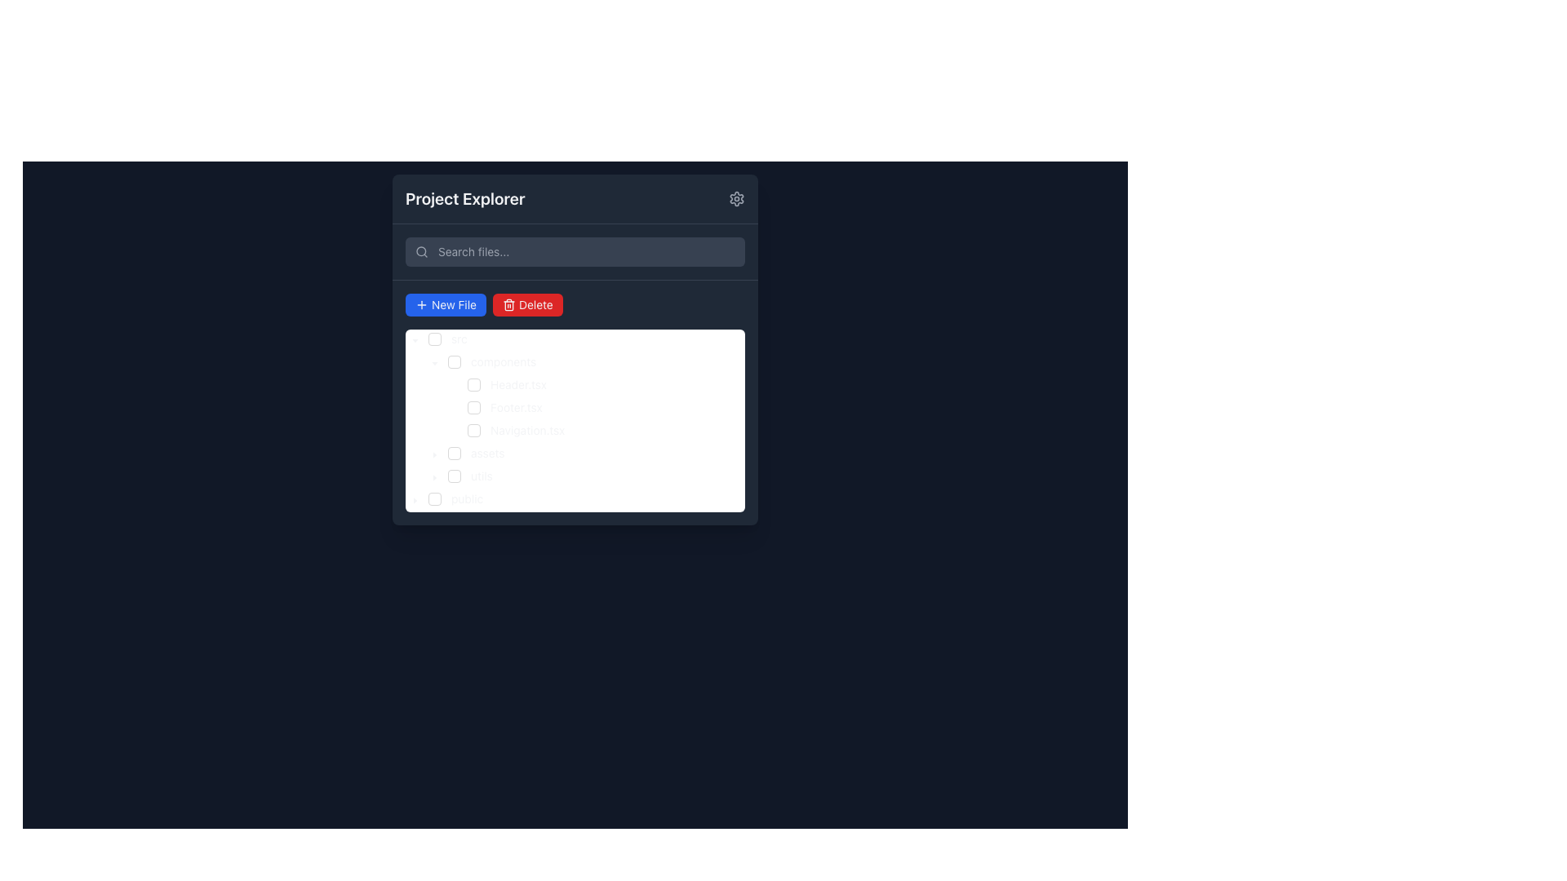  I want to click on on the file named 'Navigation.tsx' located in the Project Explorer panel under the 'components' folder, so click(527, 430).